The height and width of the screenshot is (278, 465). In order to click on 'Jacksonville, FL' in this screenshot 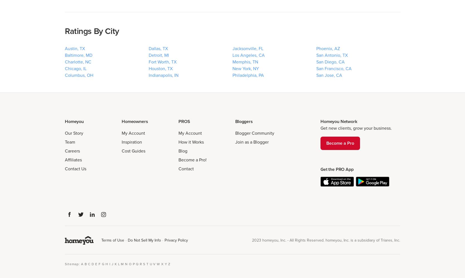, I will do `click(248, 48)`.